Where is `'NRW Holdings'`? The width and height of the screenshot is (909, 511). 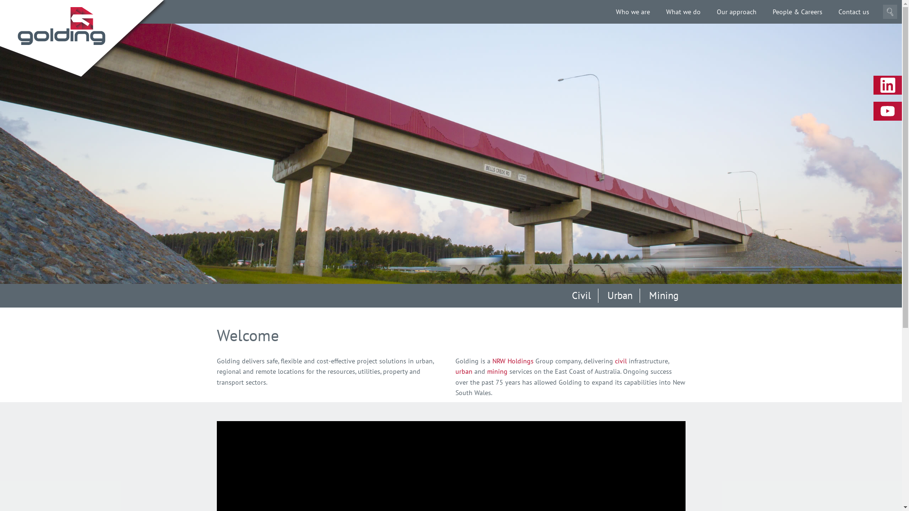 'NRW Holdings' is located at coordinates (492, 361).